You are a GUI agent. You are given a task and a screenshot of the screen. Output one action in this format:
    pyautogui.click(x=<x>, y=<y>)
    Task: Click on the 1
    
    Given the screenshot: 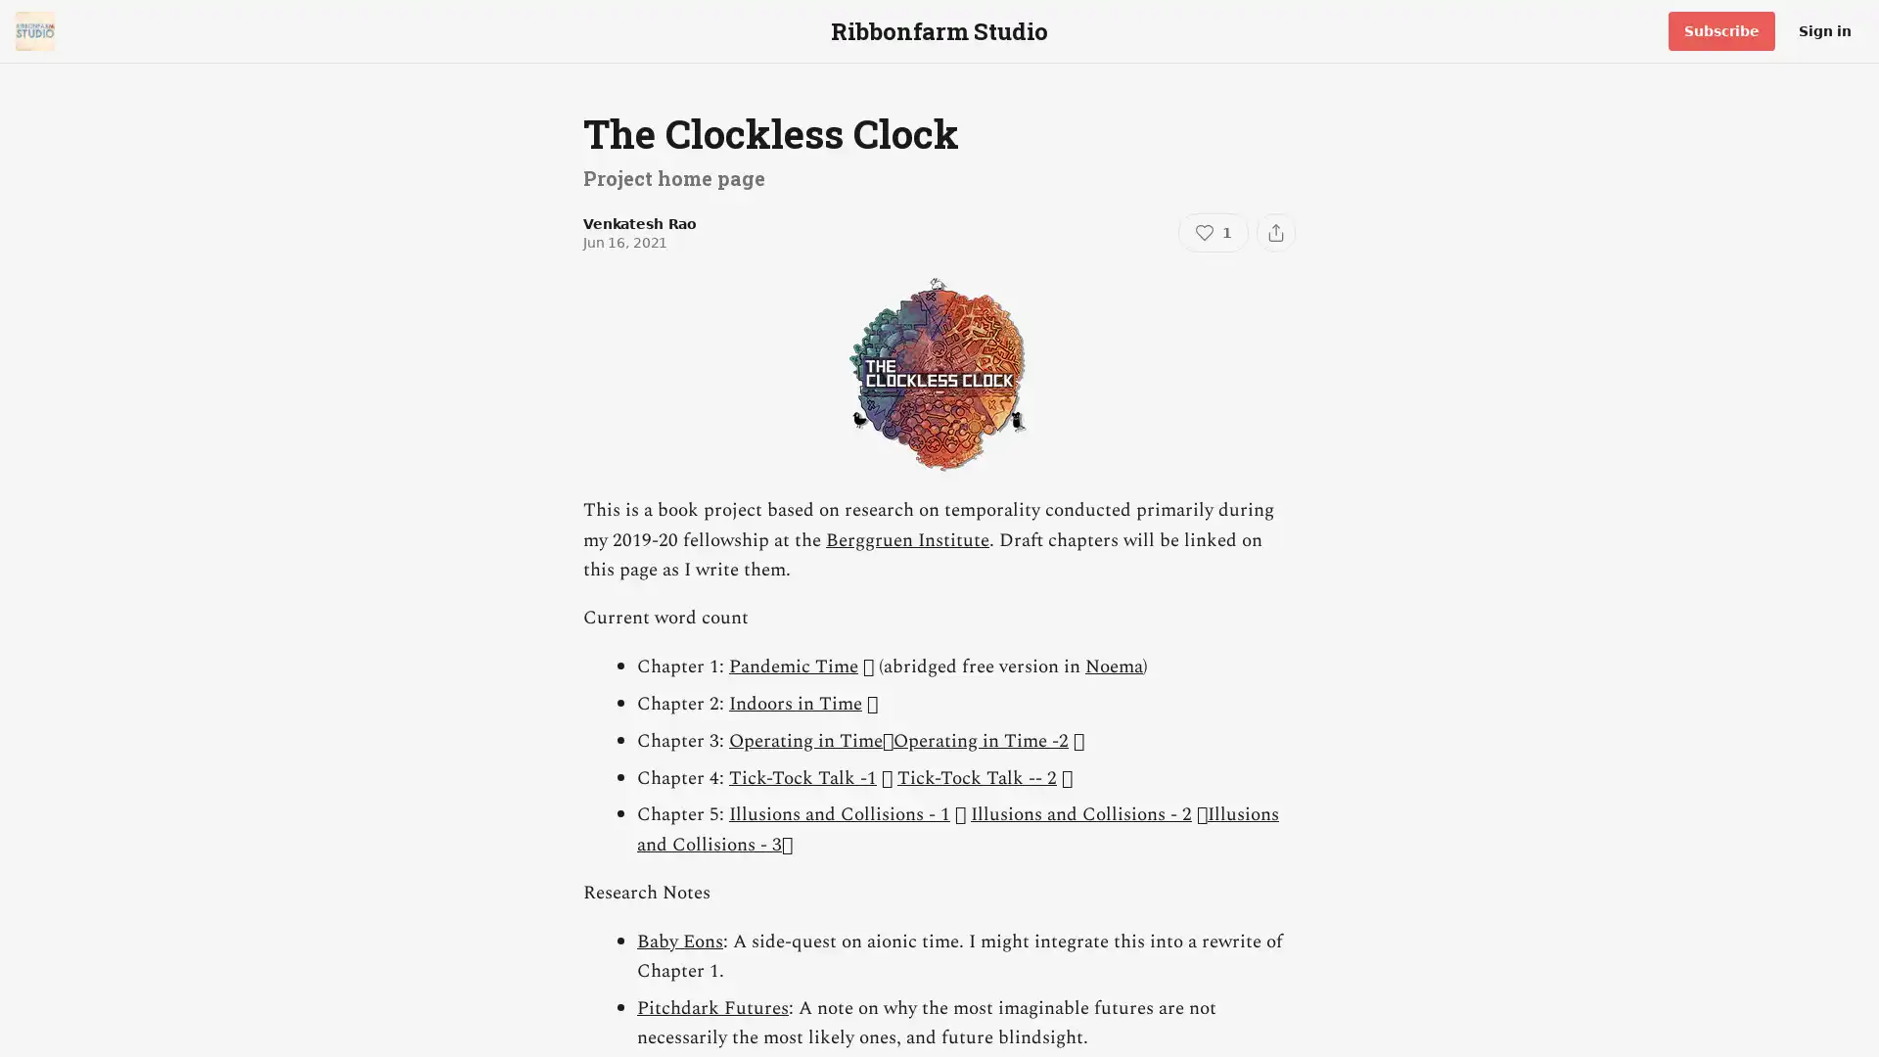 What is the action you would take?
    pyautogui.click(x=1212, y=232)
    